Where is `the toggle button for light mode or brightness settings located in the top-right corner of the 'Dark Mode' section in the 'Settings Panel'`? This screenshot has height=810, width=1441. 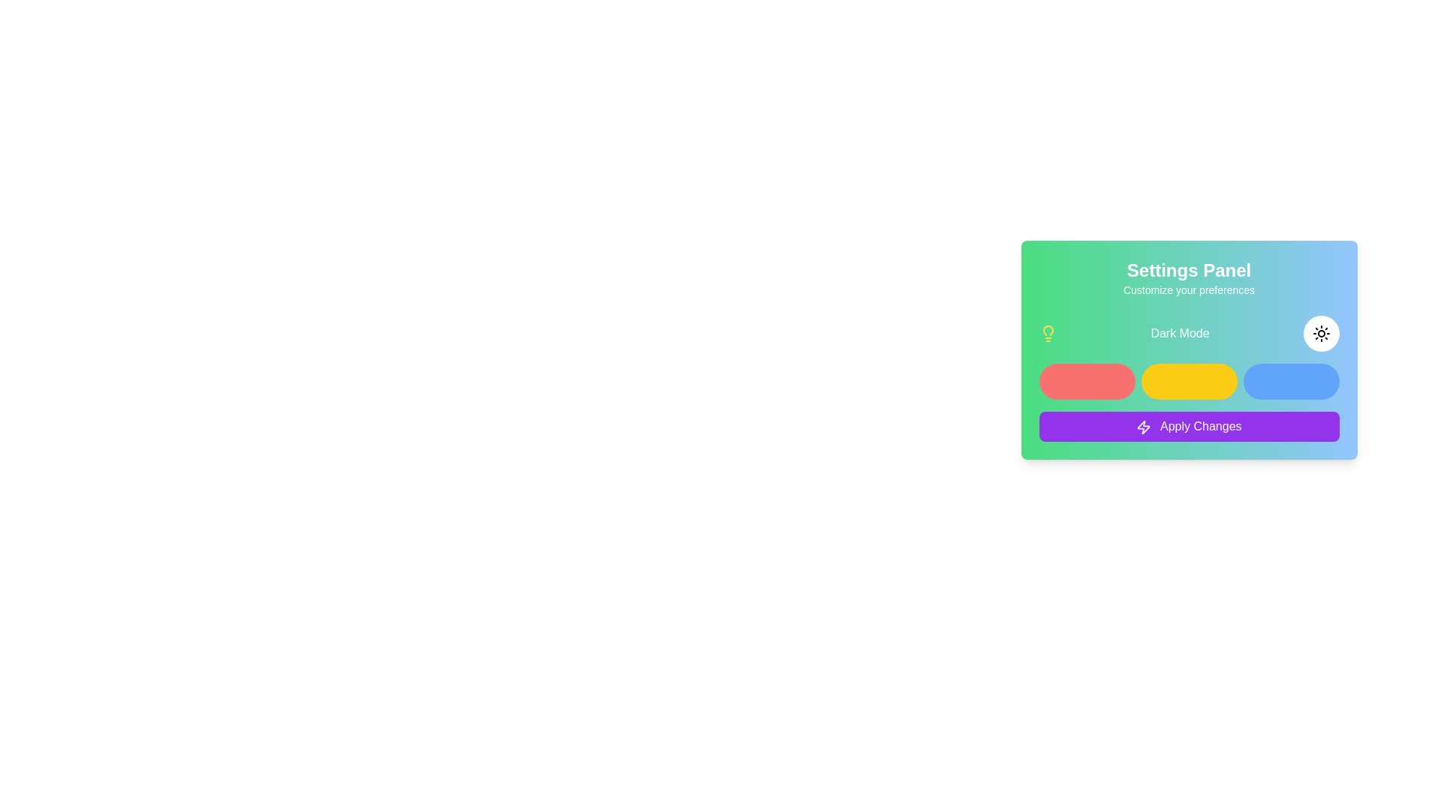 the toggle button for light mode or brightness settings located in the top-right corner of the 'Dark Mode' section in the 'Settings Panel' is located at coordinates (1321, 332).